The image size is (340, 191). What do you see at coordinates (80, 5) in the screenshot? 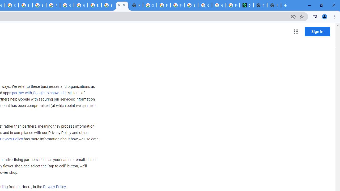
I see `'Google Cloud Platform'` at bounding box center [80, 5].